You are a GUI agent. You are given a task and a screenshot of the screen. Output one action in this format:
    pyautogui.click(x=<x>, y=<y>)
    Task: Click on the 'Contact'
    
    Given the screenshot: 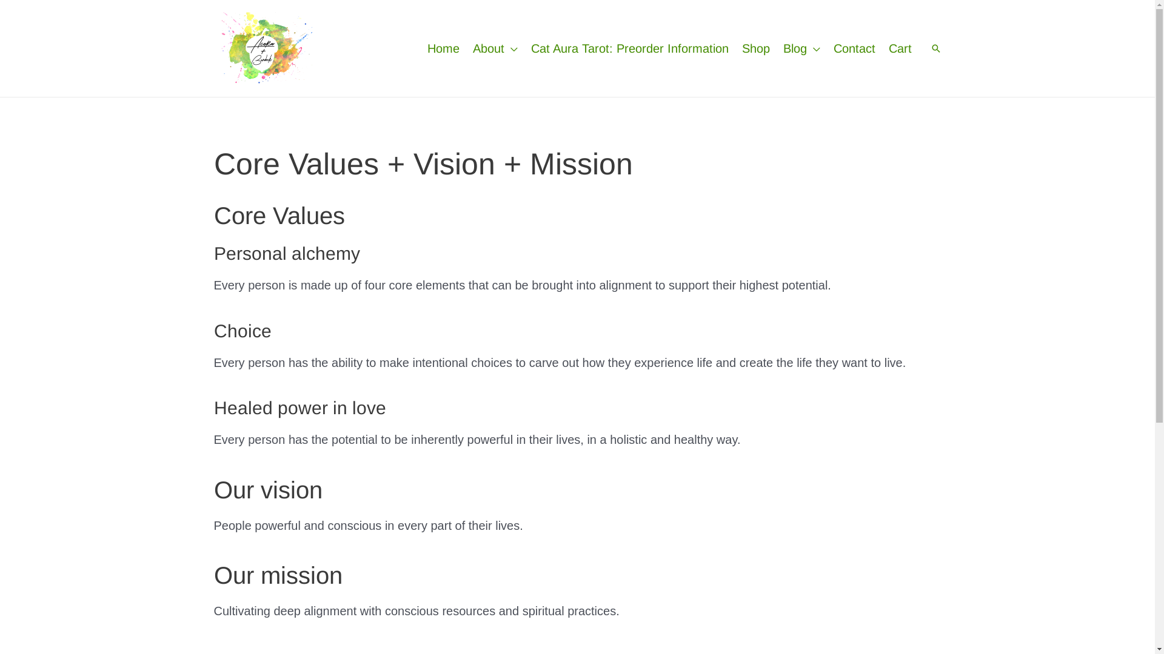 What is the action you would take?
    pyautogui.click(x=854, y=48)
    